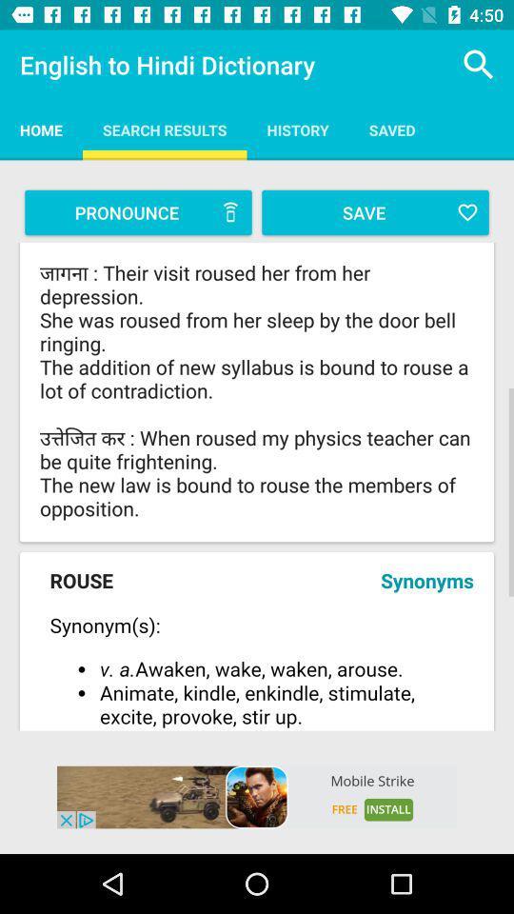 The image size is (514, 914). I want to click on give advertisement information, so click(257, 797).